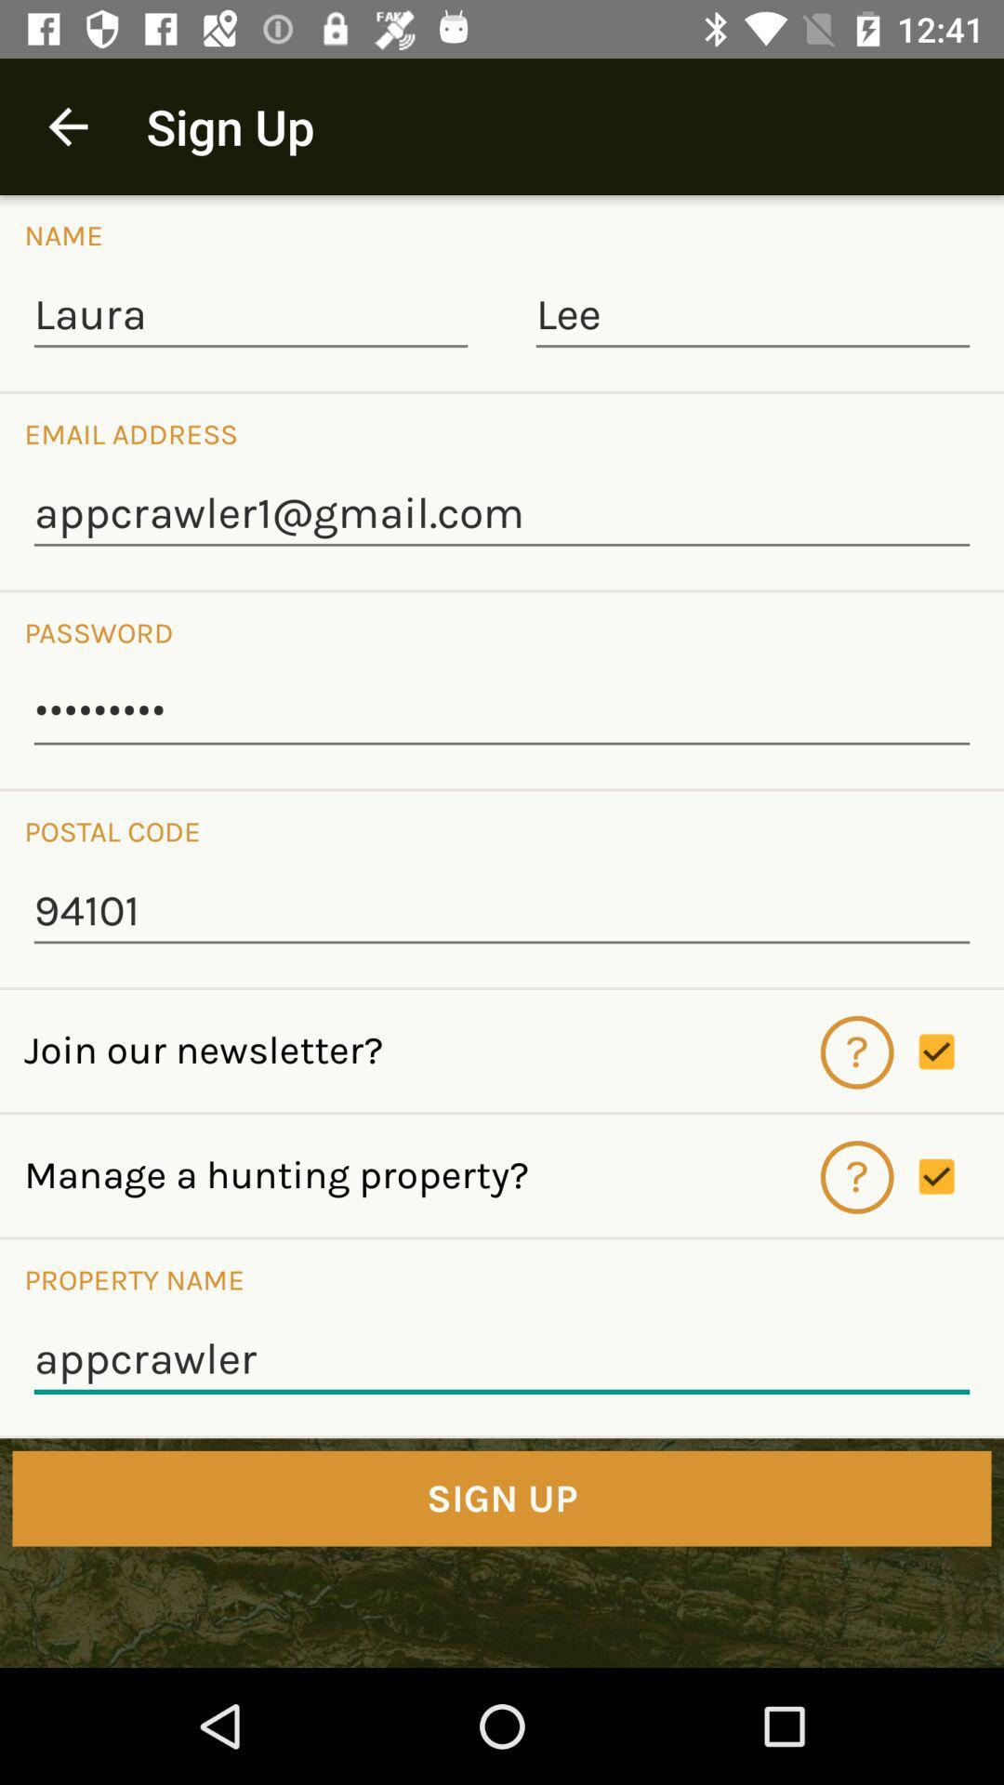 The height and width of the screenshot is (1785, 1004). I want to click on manage property, so click(960, 1176).